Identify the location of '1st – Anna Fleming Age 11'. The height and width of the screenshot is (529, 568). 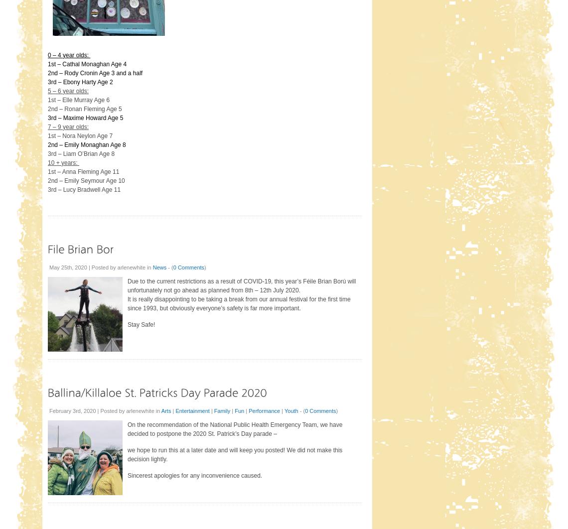
(83, 170).